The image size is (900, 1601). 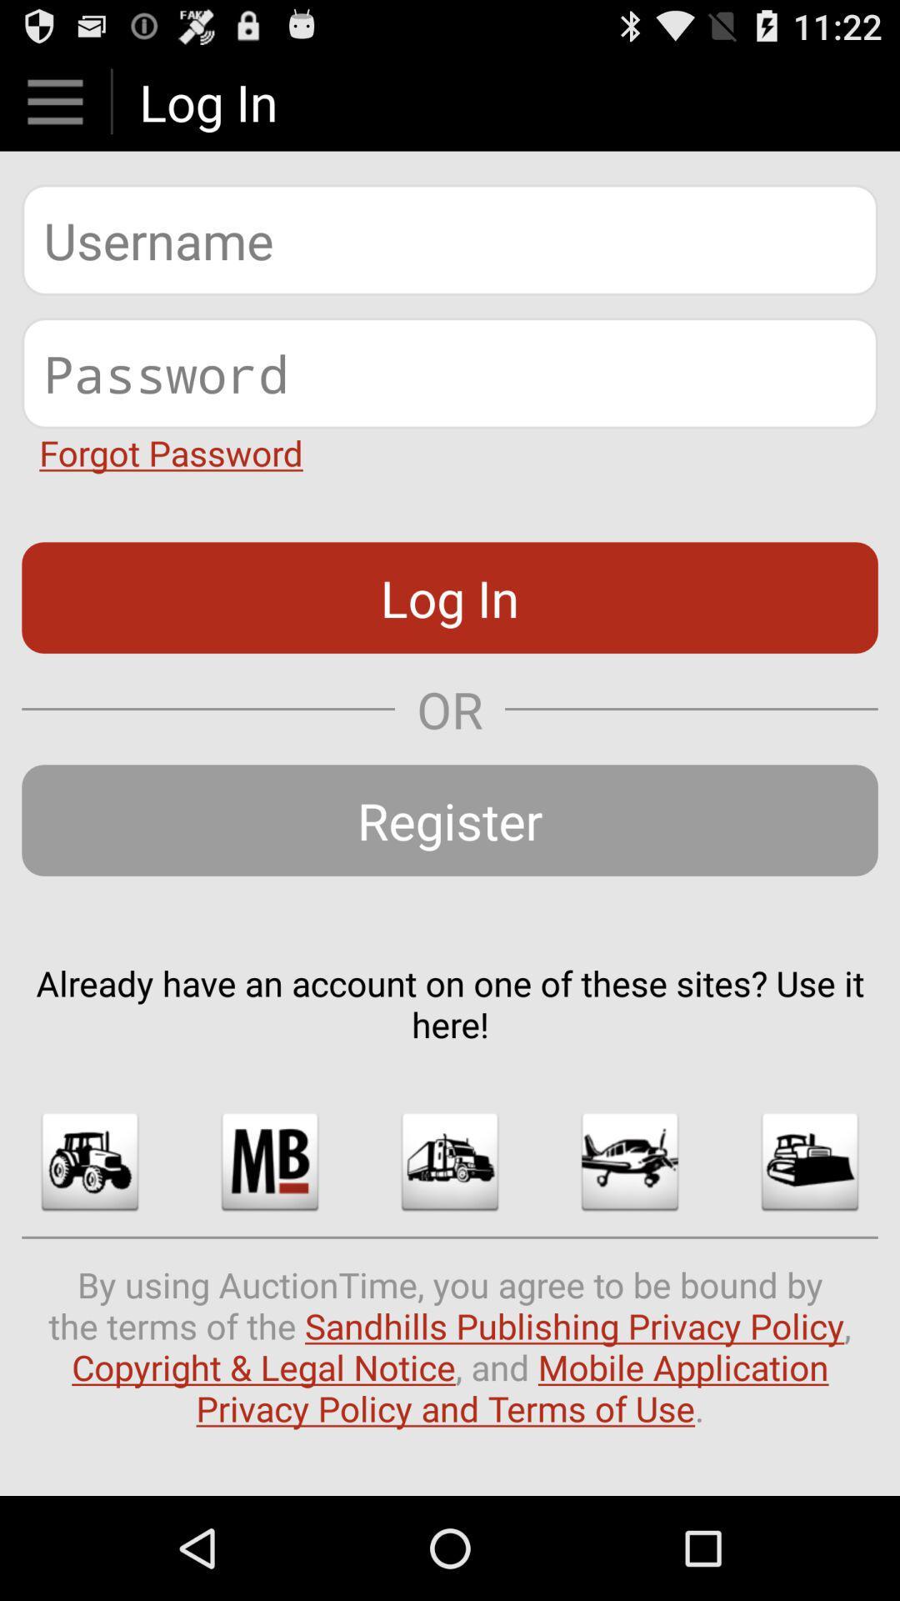 I want to click on show menu, so click(x=54, y=101).